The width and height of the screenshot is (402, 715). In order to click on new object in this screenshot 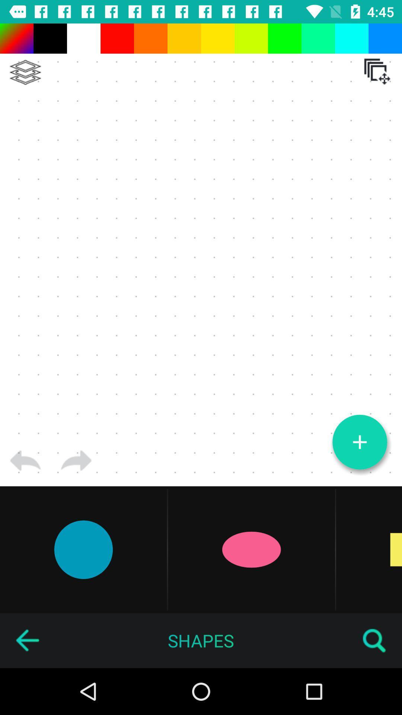, I will do `click(359, 442)`.